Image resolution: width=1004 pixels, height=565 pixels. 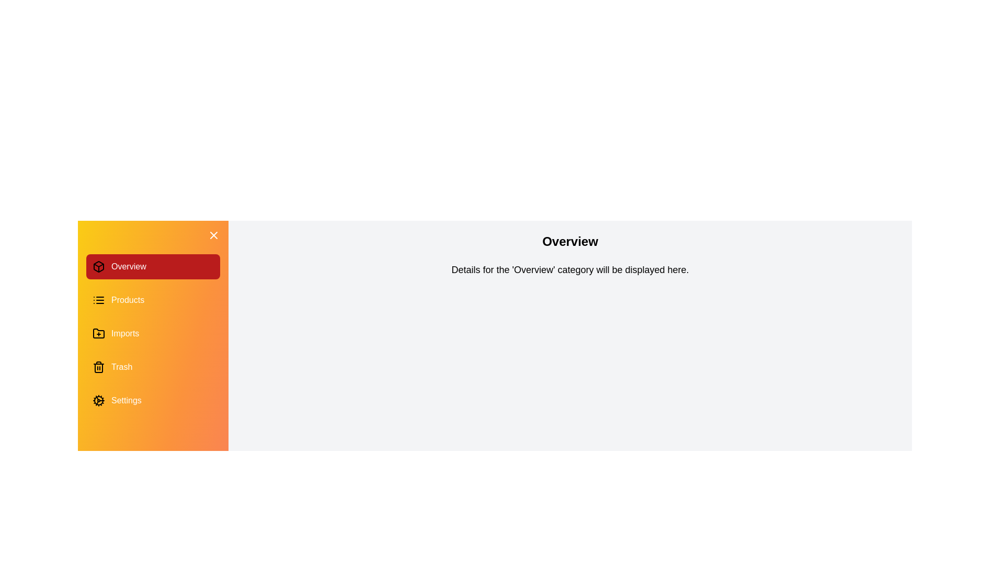 I want to click on the category item Settings to observe the hover effect, so click(x=152, y=400).